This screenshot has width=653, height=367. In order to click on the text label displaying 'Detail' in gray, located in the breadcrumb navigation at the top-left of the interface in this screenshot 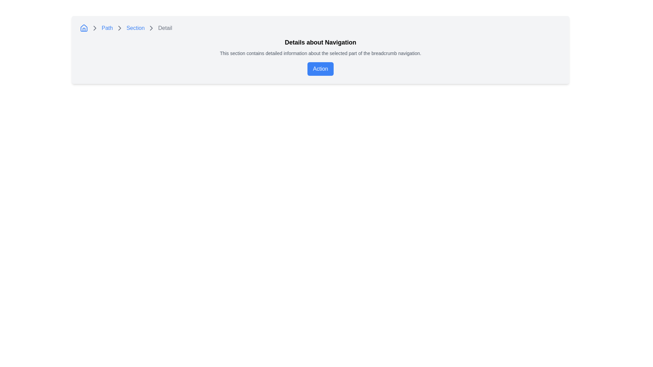, I will do `click(165, 28)`.